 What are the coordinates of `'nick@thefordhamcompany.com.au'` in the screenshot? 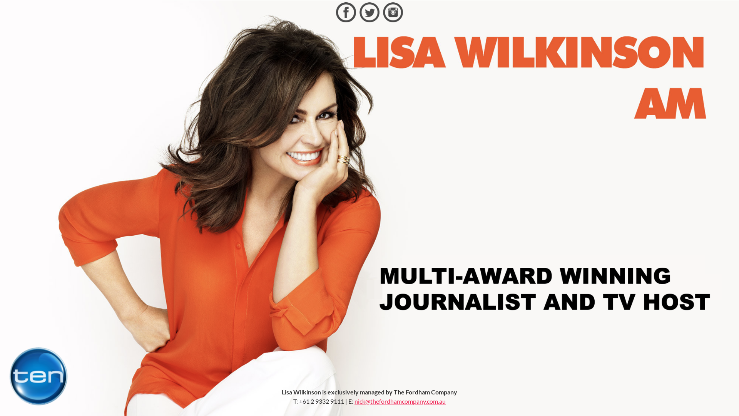 It's located at (400, 401).